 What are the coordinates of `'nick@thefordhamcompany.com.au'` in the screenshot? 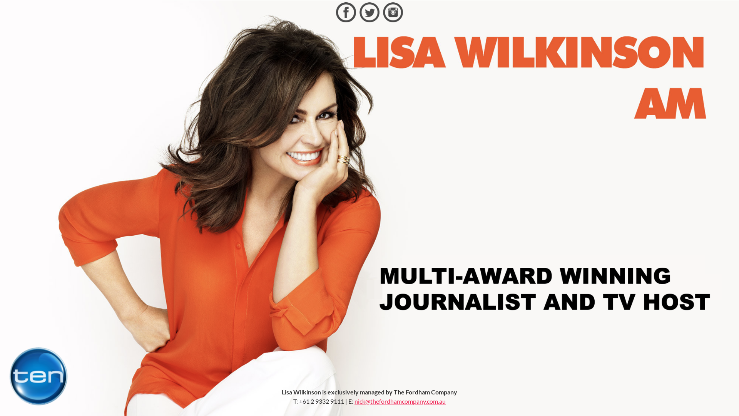 It's located at (400, 401).